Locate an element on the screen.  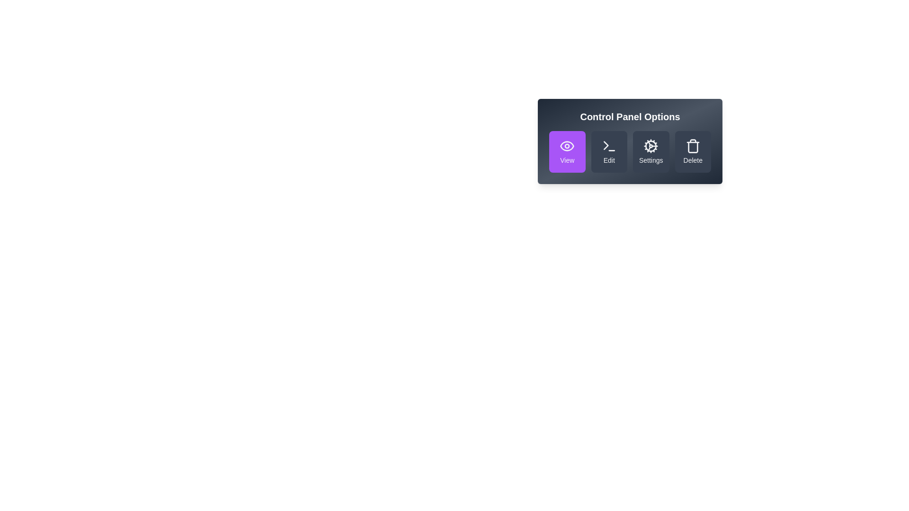
the sixth stroke of the cogwheel icon in the 'Settings' option of the Control Panel Options interface, which appears as a thin, slanted line segment styled with a vector-based design is located at coordinates (649, 149).